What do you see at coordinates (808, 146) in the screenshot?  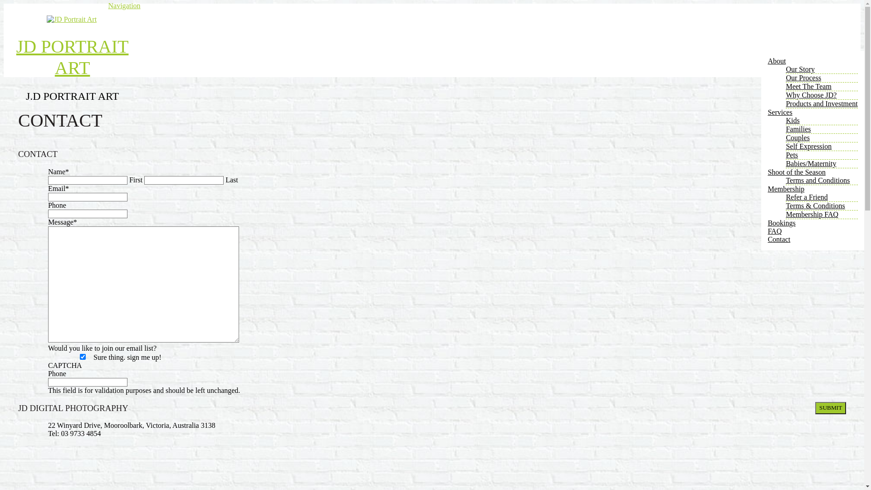 I see `'Self Expression'` at bounding box center [808, 146].